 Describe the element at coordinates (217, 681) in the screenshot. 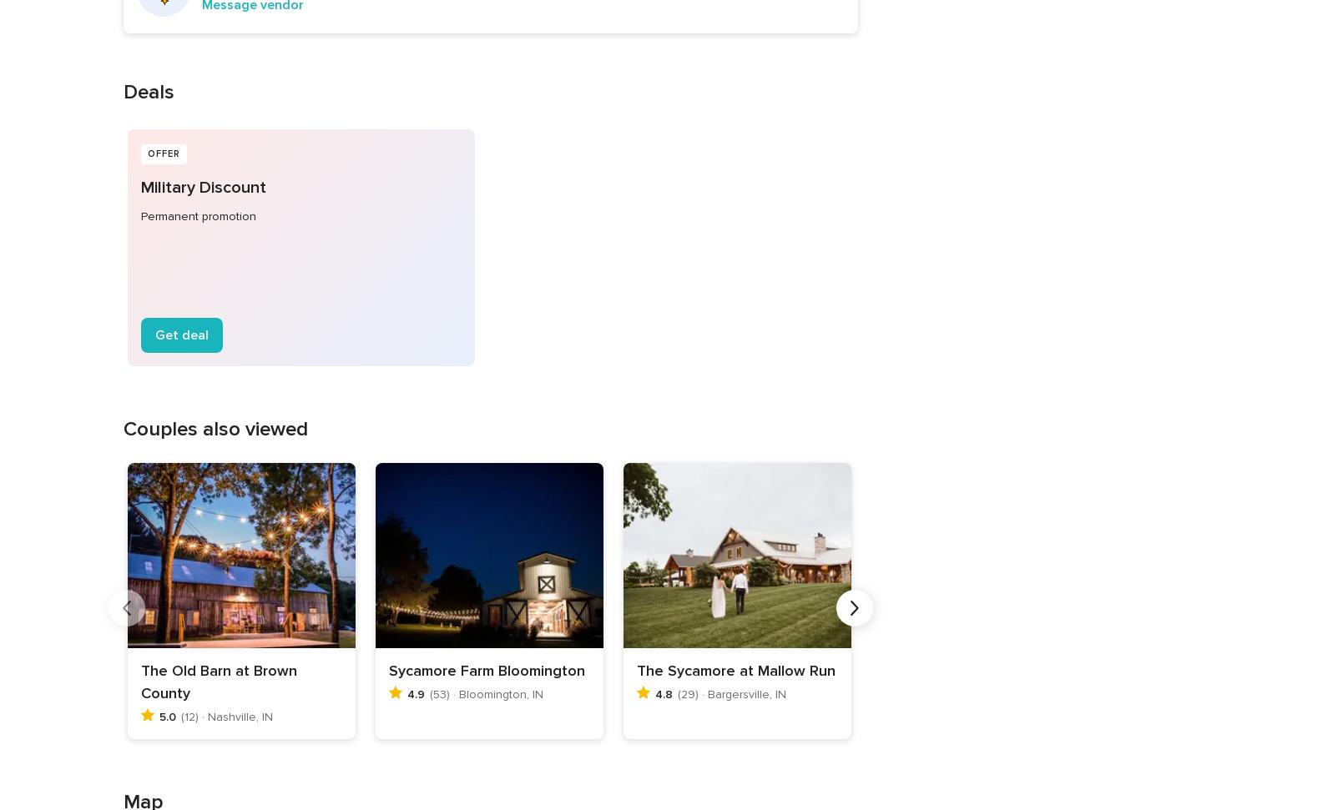

I see `'The Old Barn at Brown County'` at that location.